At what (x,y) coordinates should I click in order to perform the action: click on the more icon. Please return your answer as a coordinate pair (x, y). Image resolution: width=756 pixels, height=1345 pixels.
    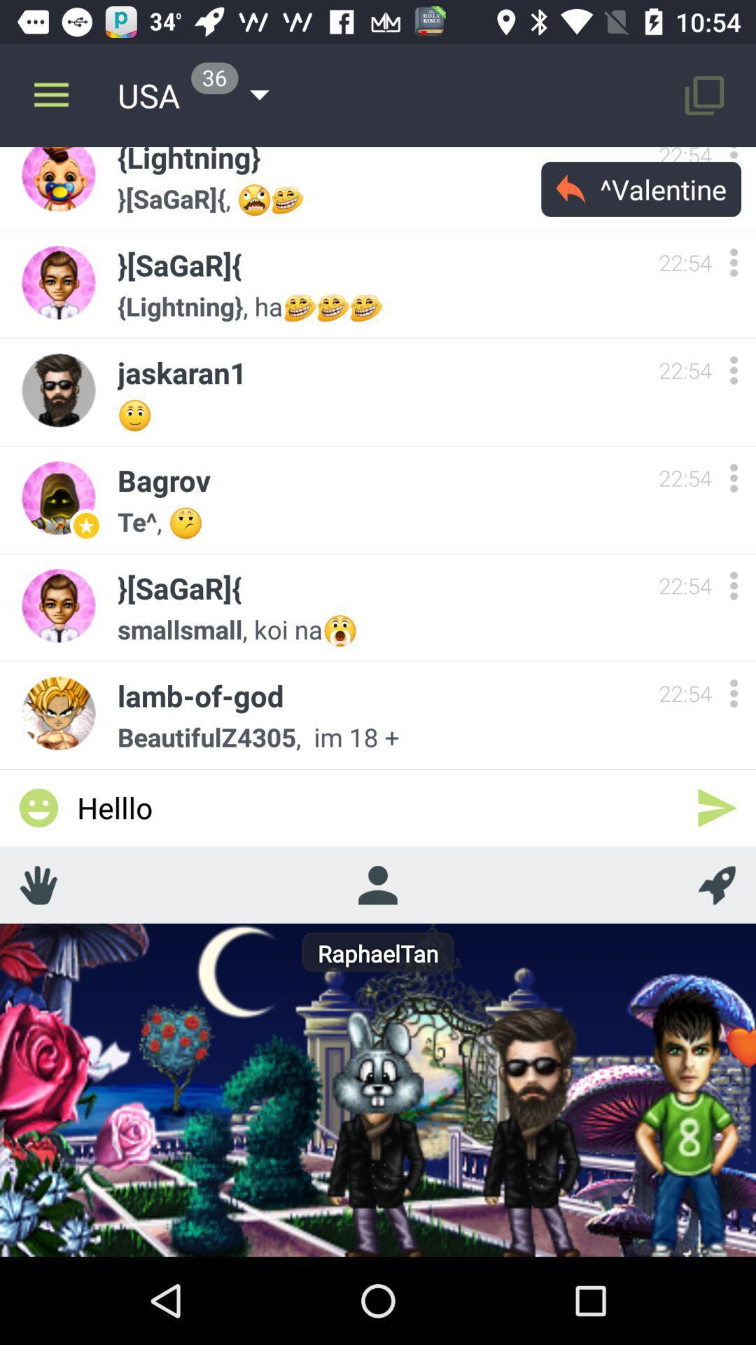
    Looking at the image, I should click on (733, 370).